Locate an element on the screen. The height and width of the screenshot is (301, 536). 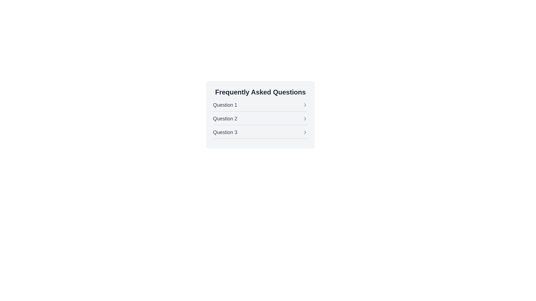
the list item displaying 'Question 3' is located at coordinates (260, 132).